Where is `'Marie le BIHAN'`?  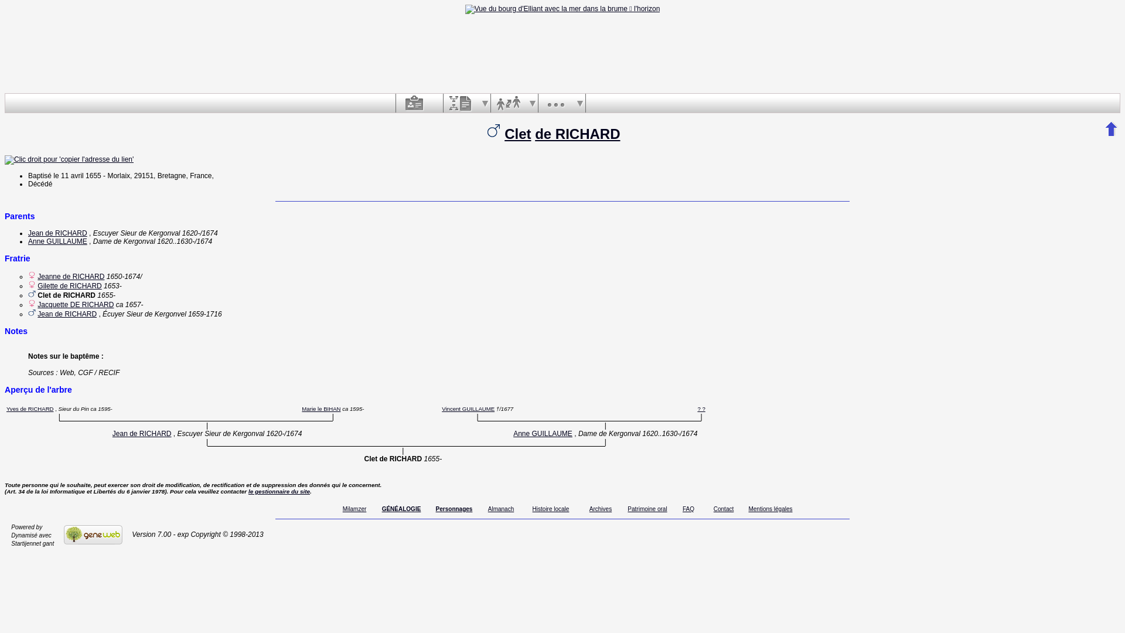
'Marie le BIHAN' is located at coordinates (321, 408).